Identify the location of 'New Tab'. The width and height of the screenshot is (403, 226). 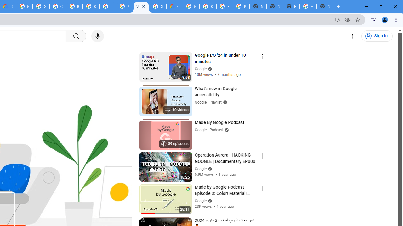
(325, 6).